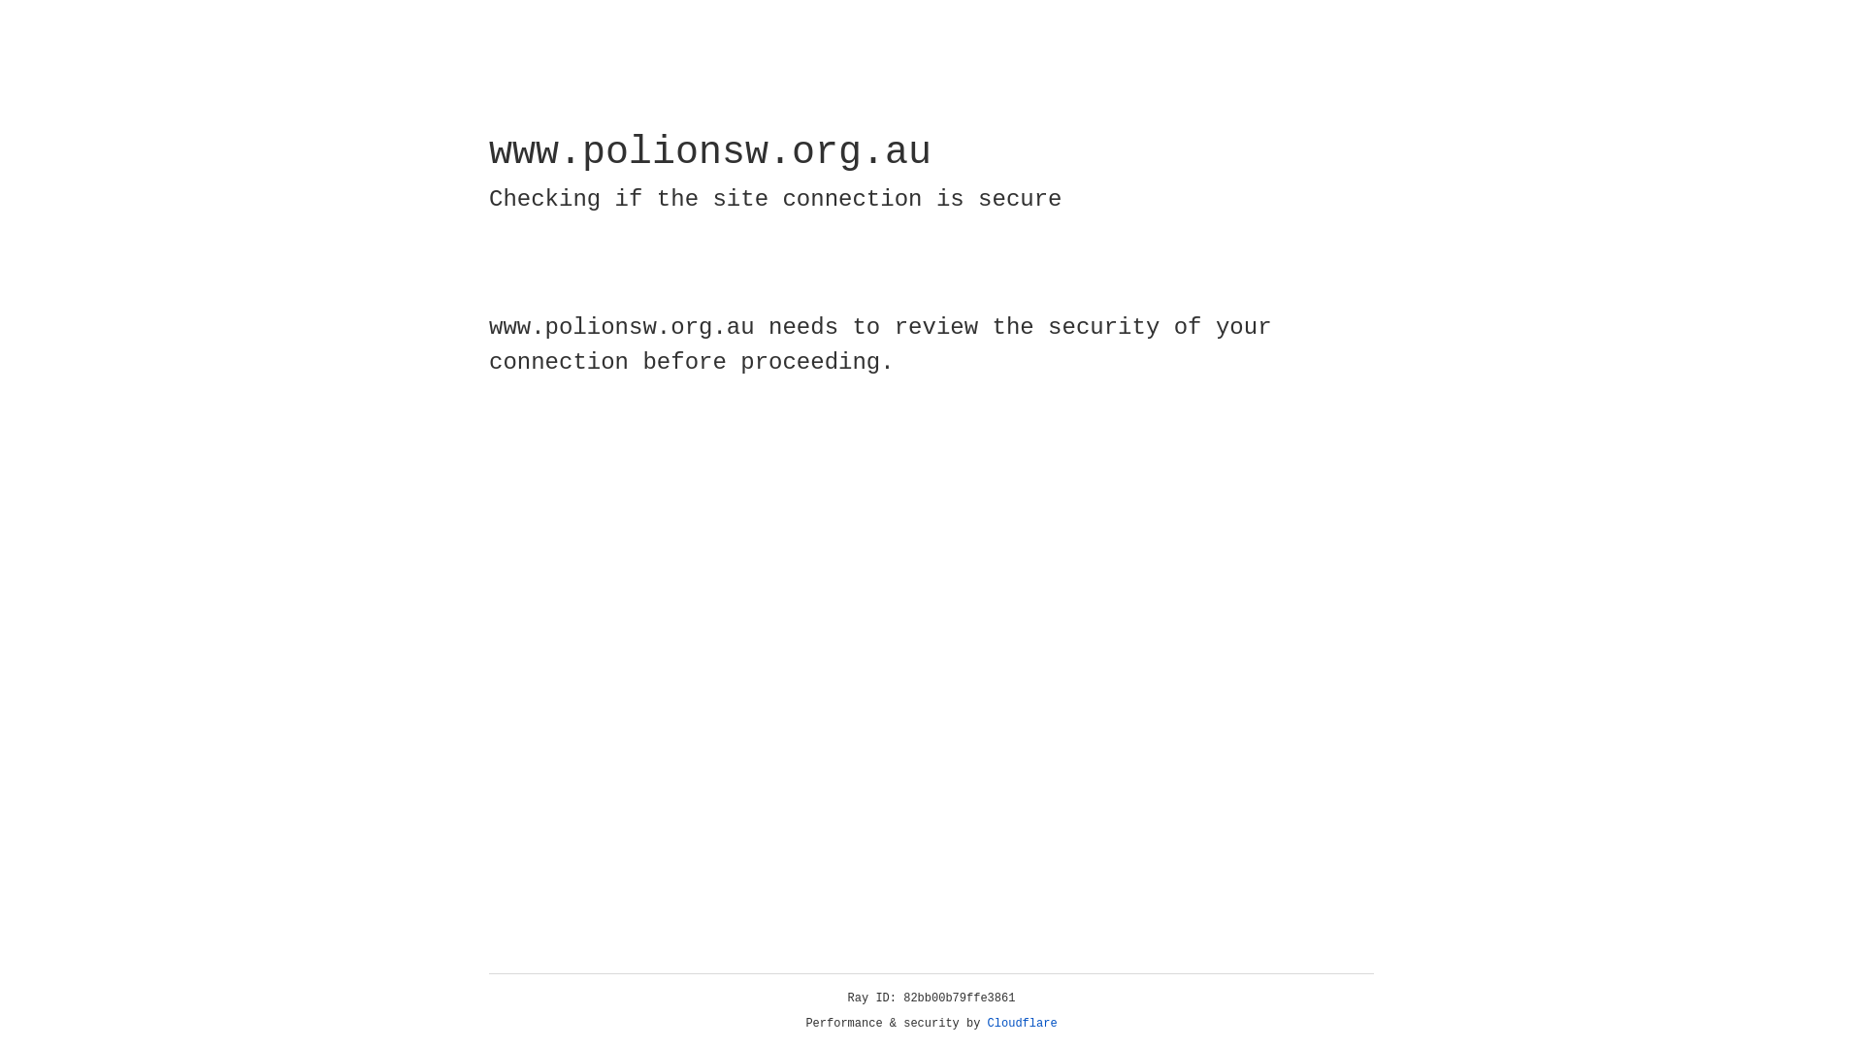 Image resolution: width=1863 pixels, height=1048 pixels. Describe the element at coordinates (1022, 1023) in the screenshot. I see `'Cloudflare'` at that location.